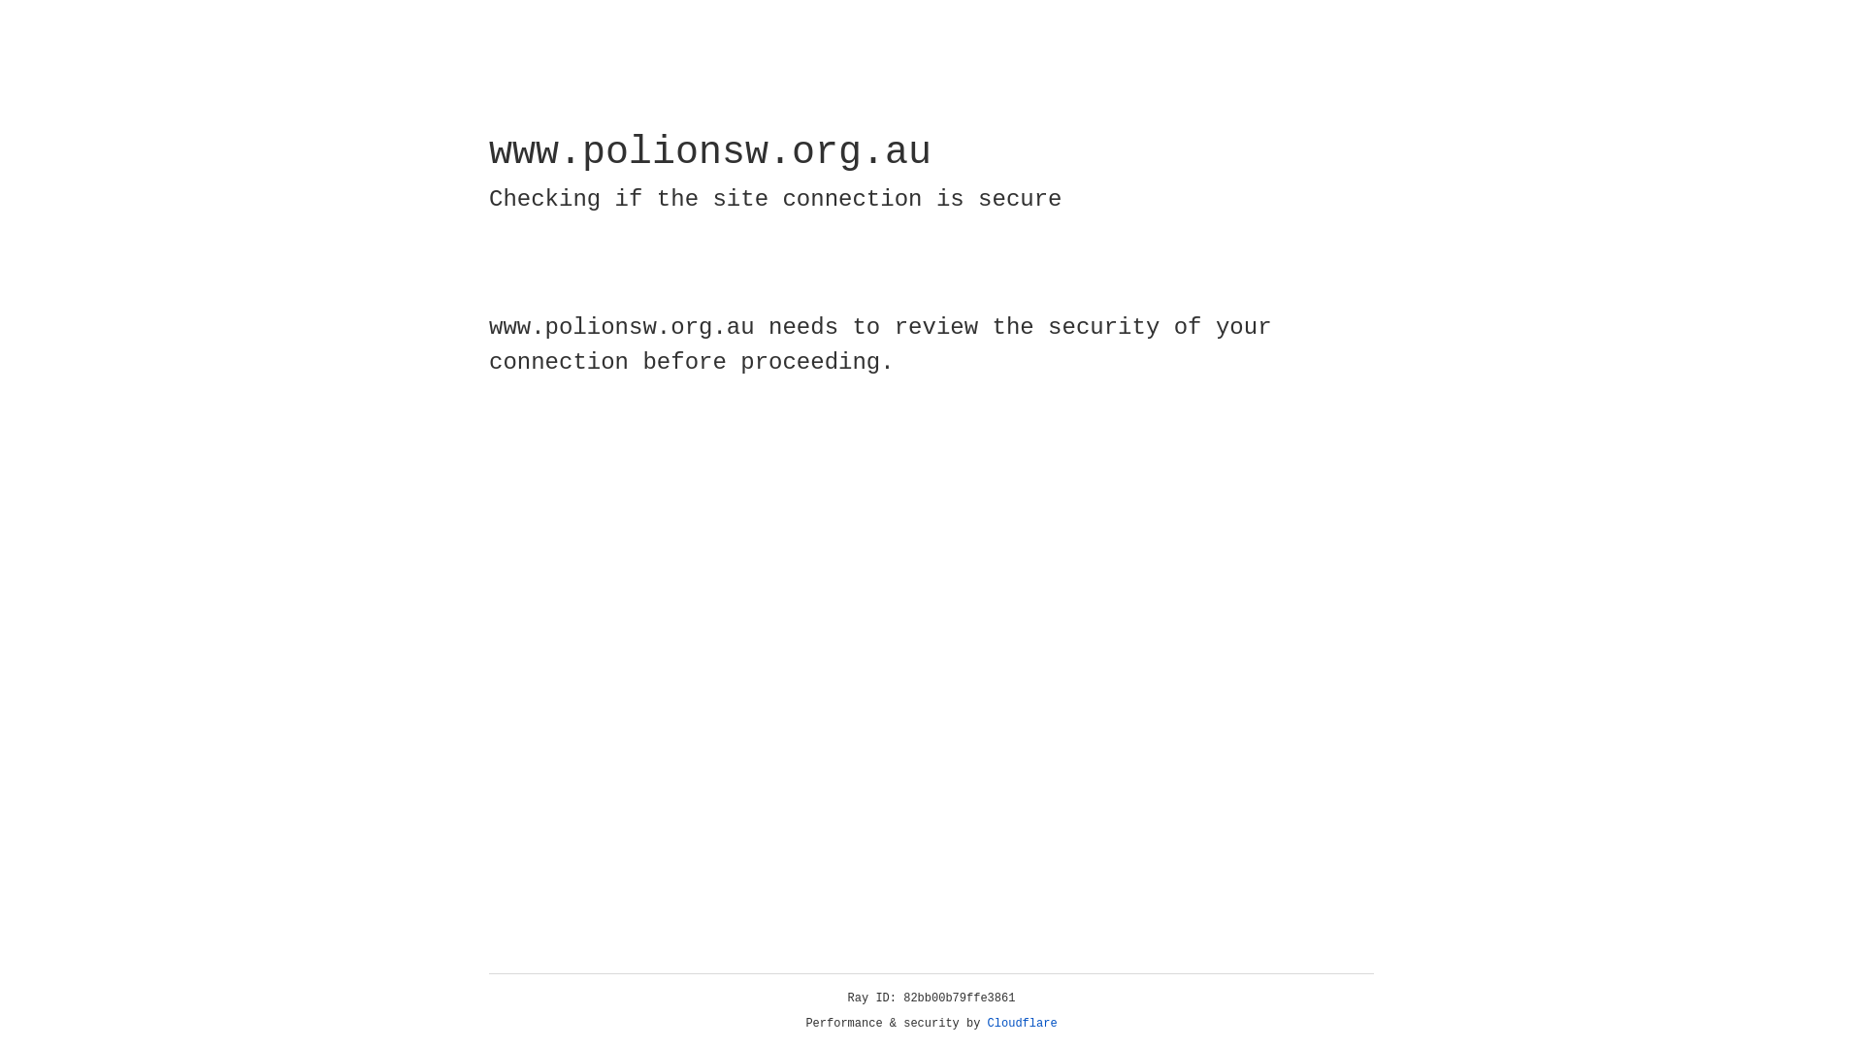 Image resolution: width=1863 pixels, height=1048 pixels. Describe the element at coordinates (1022, 1023) in the screenshot. I see `'Cloudflare'` at that location.